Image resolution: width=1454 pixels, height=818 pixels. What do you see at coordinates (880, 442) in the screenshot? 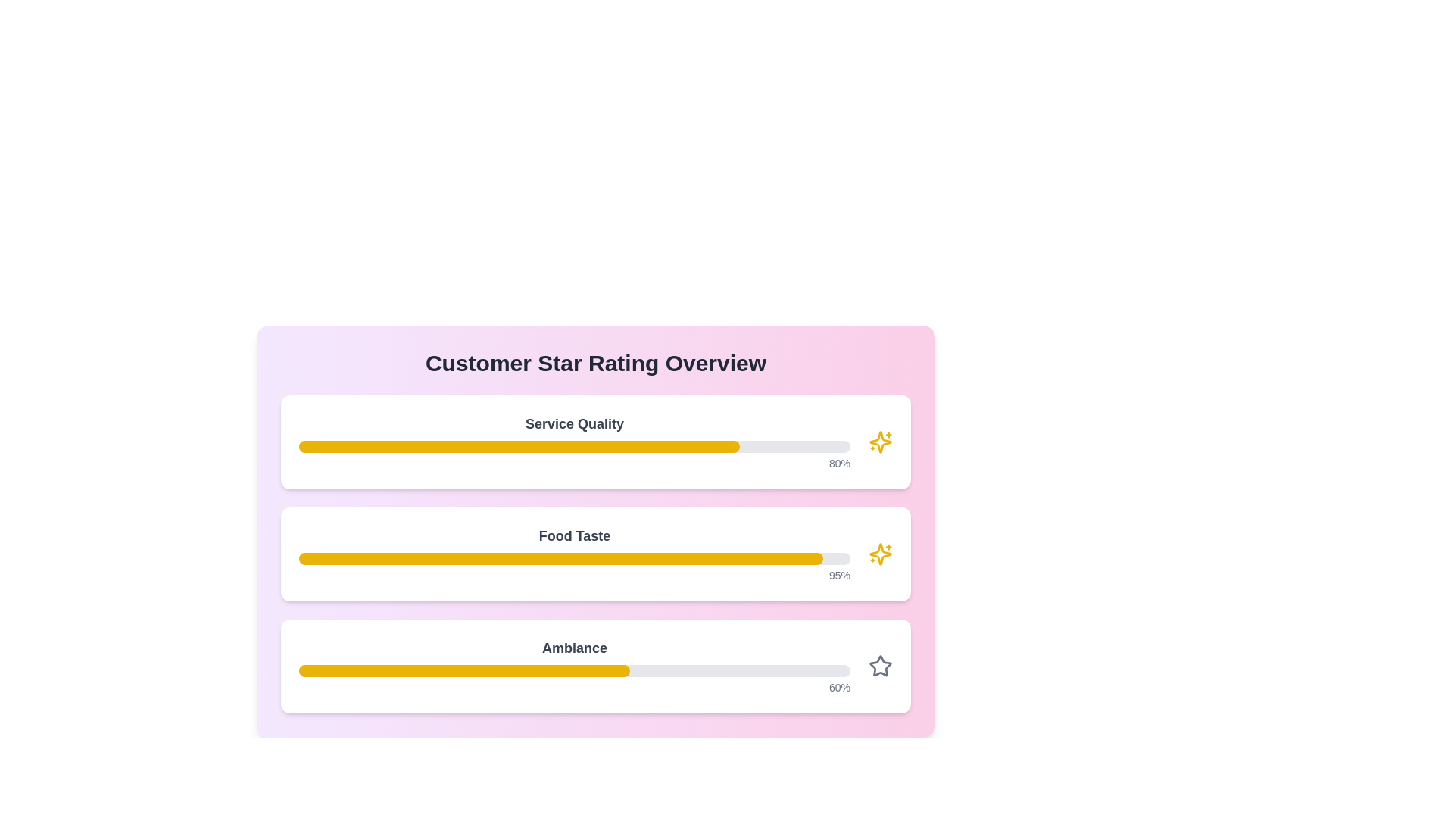
I see `the yellow starburst icon located in the top-right corner of the 'Service Quality' section, next to the progress bar and the text label '80%'` at bounding box center [880, 442].